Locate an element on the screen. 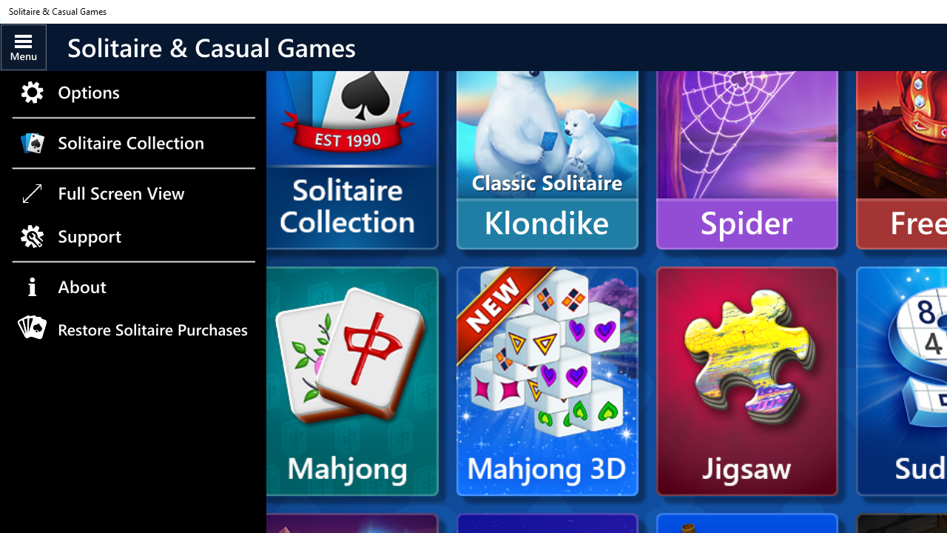 The width and height of the screenshot is (947, 533). 'About' is located at coordinates (132, 287).